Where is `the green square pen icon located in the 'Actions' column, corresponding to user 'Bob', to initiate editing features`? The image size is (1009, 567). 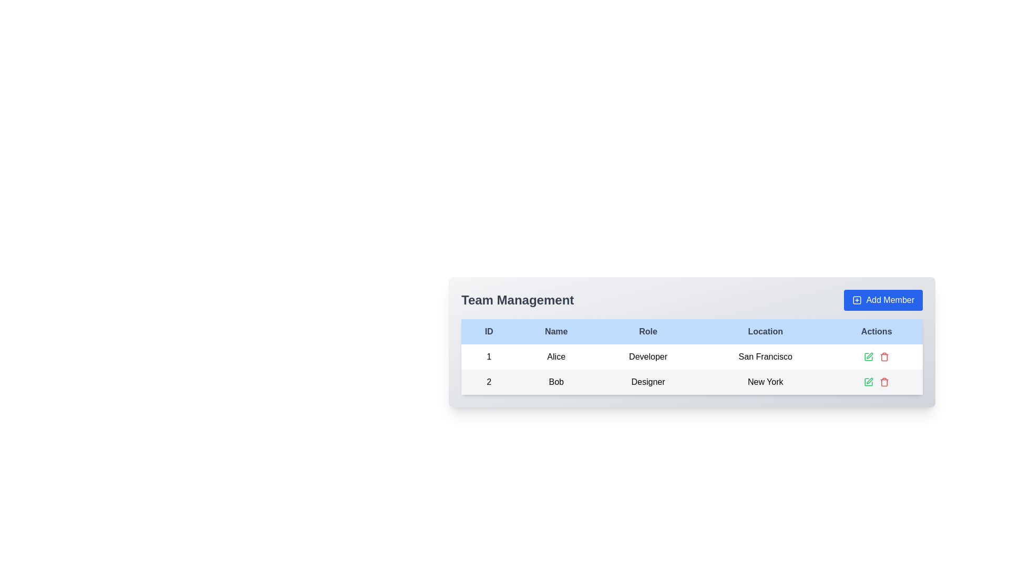 the green square pen icon located in the 'Actions' column, corresponding to user 'Bob', to initiate editing features is located at coordinates (869, 382).